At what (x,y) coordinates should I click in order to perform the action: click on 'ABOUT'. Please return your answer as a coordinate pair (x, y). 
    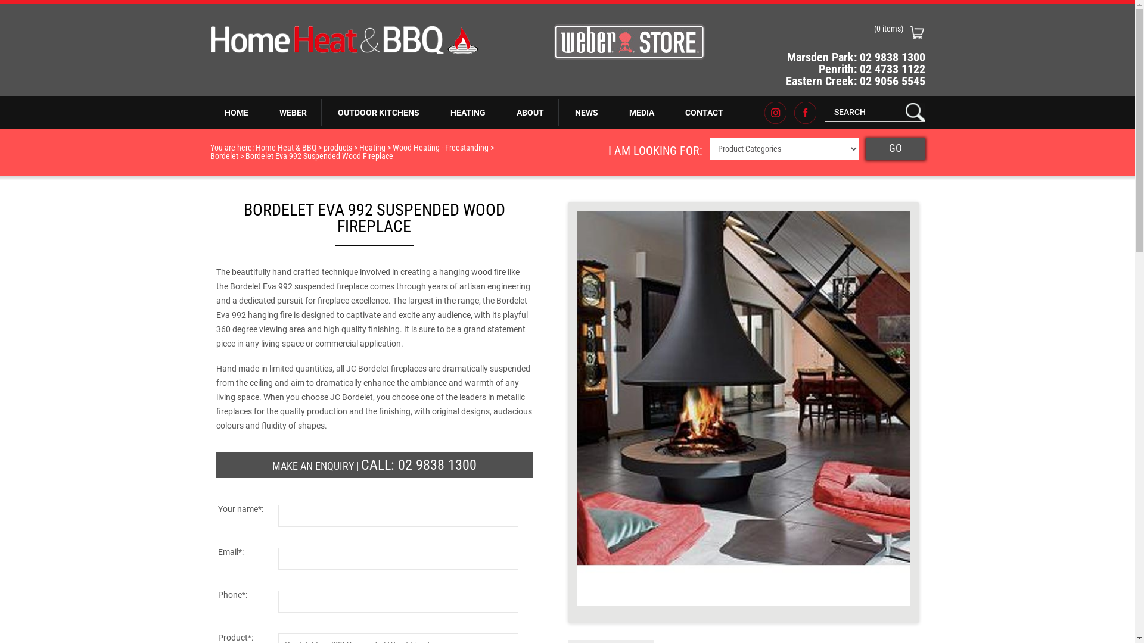
    Looking at the image, I should click on (529, 113).